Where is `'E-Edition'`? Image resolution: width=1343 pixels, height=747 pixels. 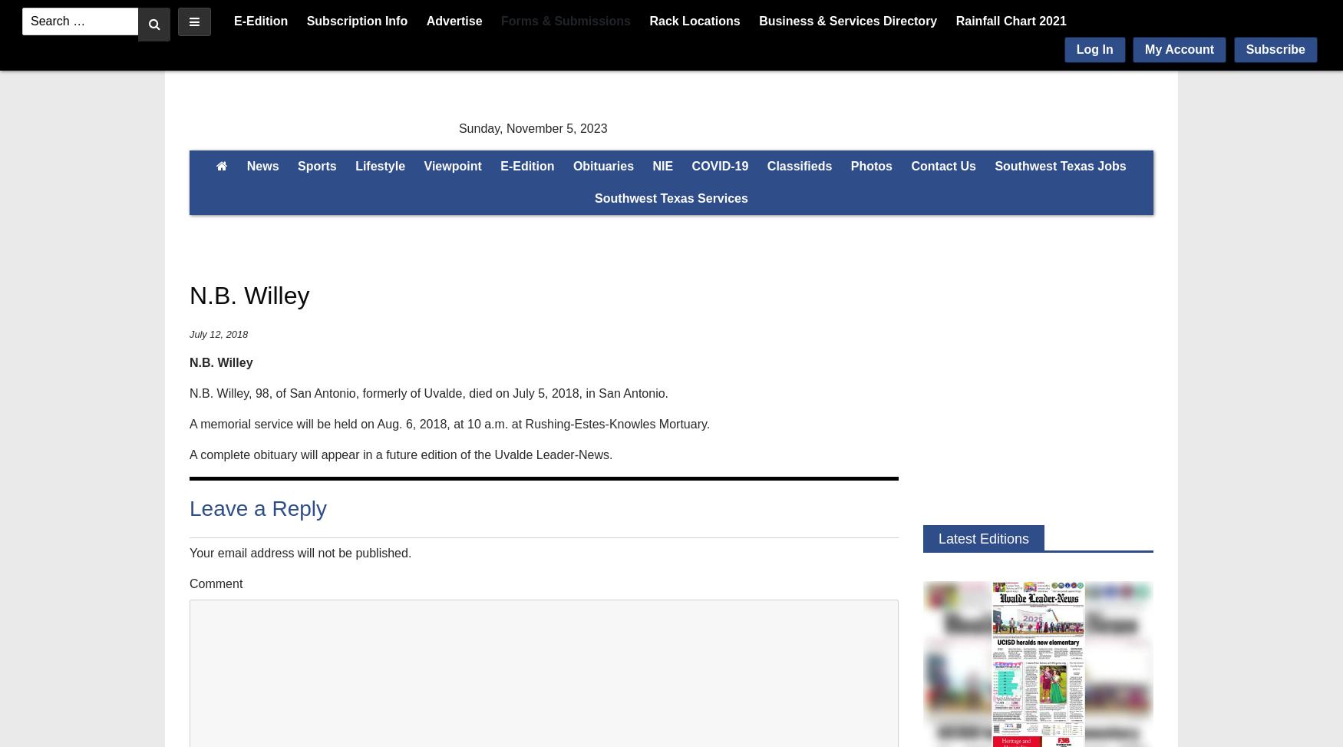
'E-Edition' is located at coordinates (526, 165).